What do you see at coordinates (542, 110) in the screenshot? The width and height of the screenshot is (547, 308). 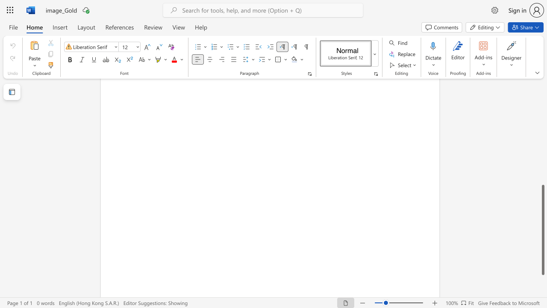 I see `the scrollbar to move the page upward` at bounding box center [542, 110].